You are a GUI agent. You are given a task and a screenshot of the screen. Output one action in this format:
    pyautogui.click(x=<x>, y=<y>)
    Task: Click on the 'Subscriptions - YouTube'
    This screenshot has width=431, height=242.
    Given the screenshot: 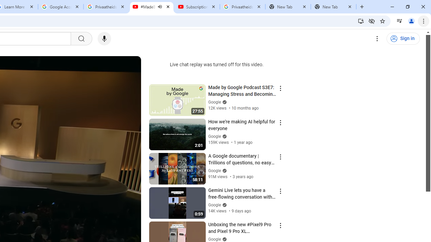 What is the action you would take?
    pyautogui.click(x=197, y=7)
    